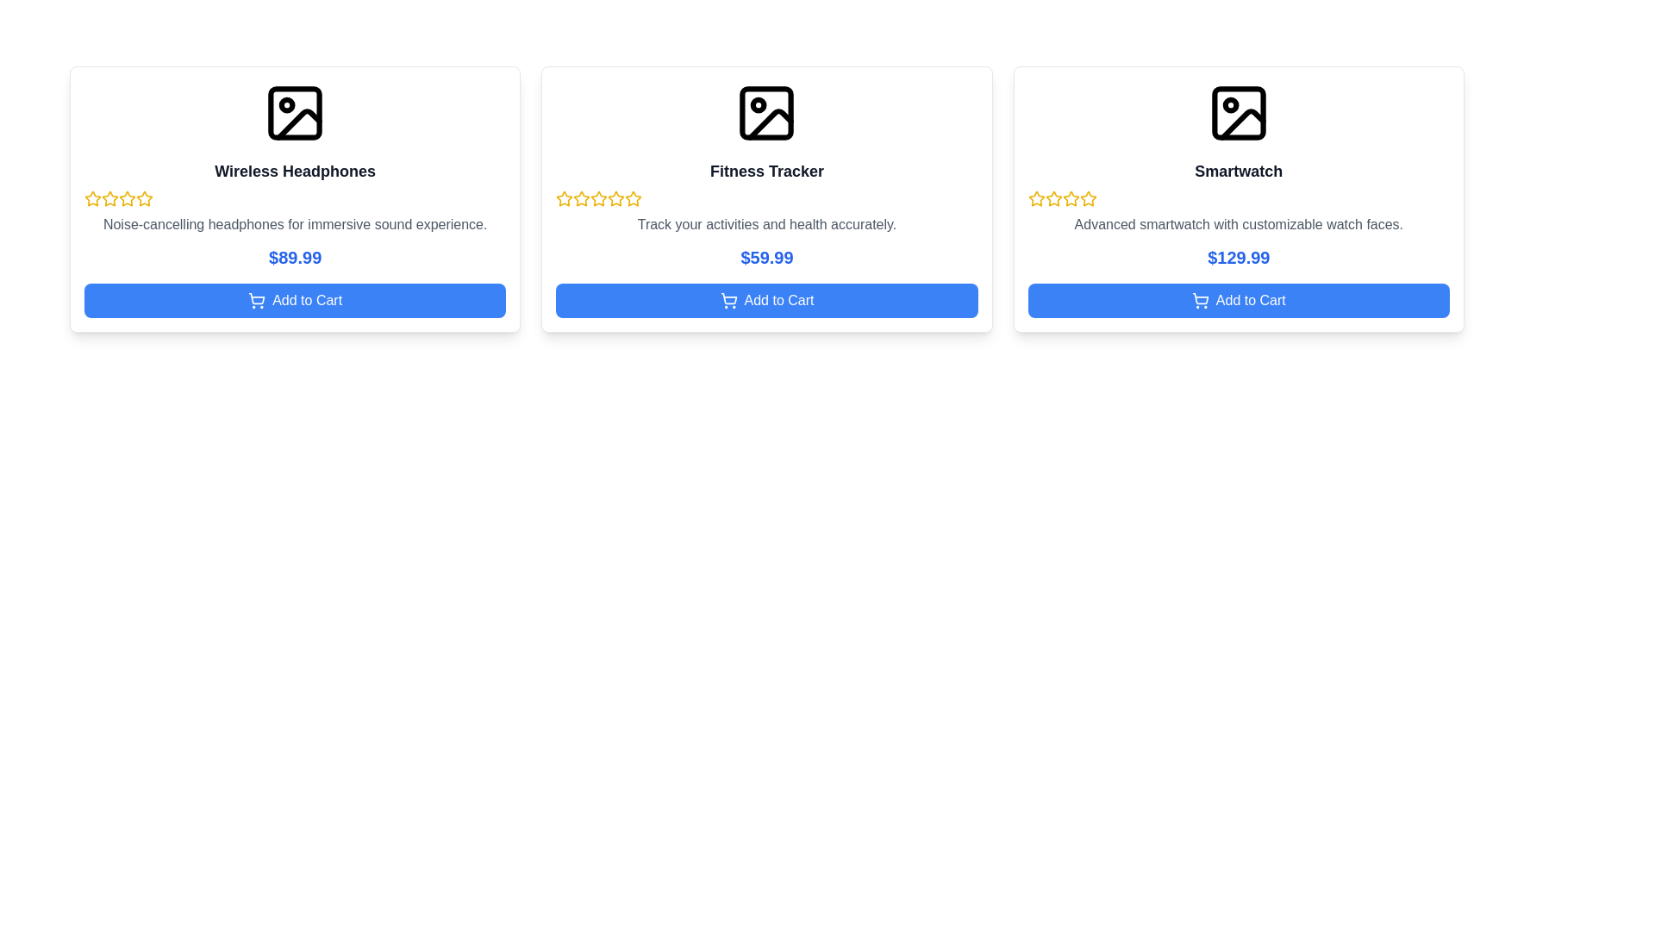 This screenshot has height=931, width=1655. What do you see at coordinates (633, 197) in the screenshot?
I see `the fourth star icon in the rating system of the 'Fitness Tracker' product card` at bounding box center [633, 197].